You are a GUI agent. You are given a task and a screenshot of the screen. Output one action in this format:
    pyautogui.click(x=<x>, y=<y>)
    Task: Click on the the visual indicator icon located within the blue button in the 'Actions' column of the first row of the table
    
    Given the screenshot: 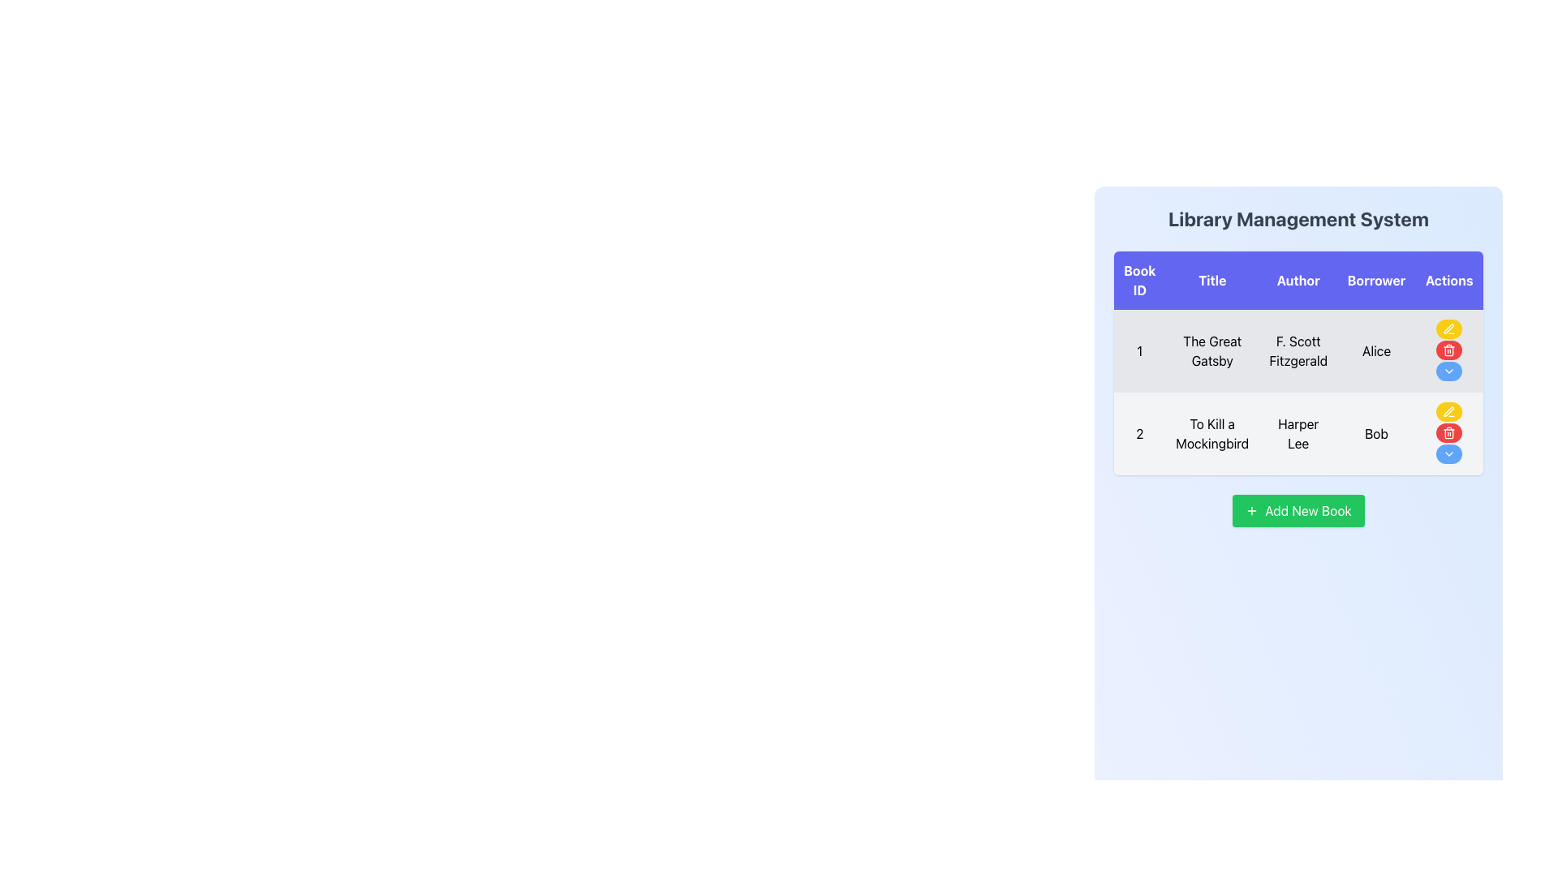 What is the action you would take?
    pyautogui.click(x=1449, y=453)
    